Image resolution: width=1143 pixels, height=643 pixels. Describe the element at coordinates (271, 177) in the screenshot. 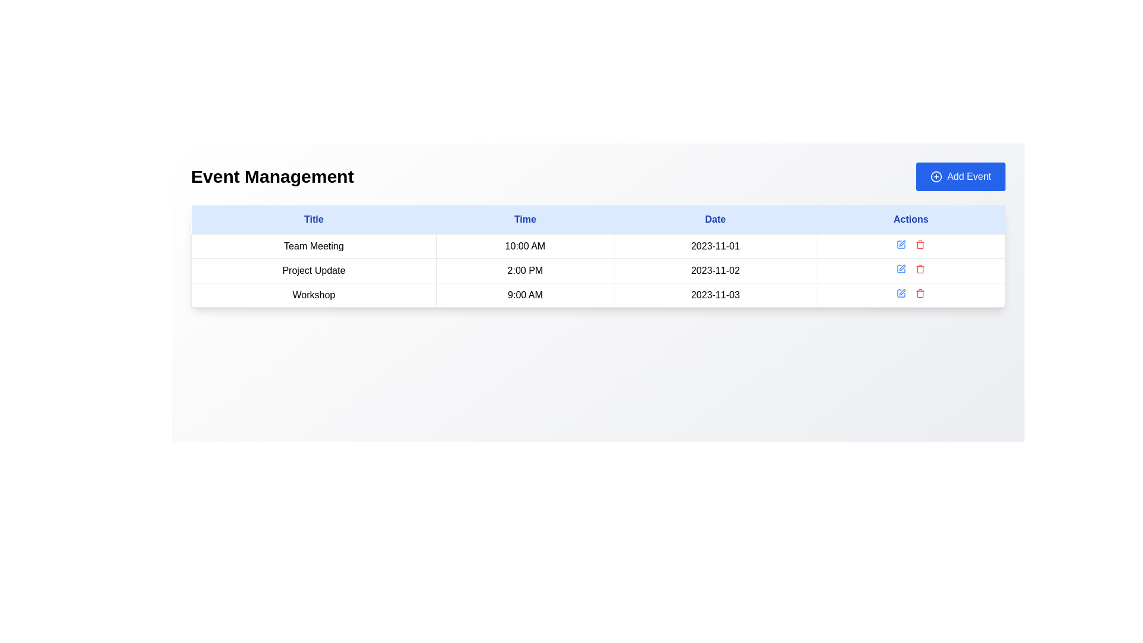

I see `the 'Event Management' title label located at the top left corner of the header area` at that location.